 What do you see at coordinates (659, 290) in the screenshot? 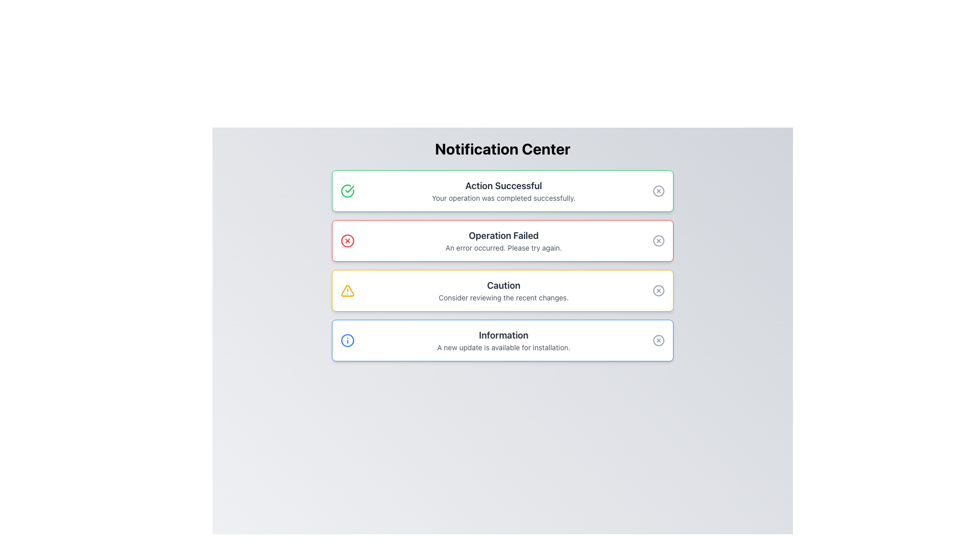
I see `the circular button with a cross inside, located on the far-right side of the notification panel, to change its color` at bounding box center [659, 290].